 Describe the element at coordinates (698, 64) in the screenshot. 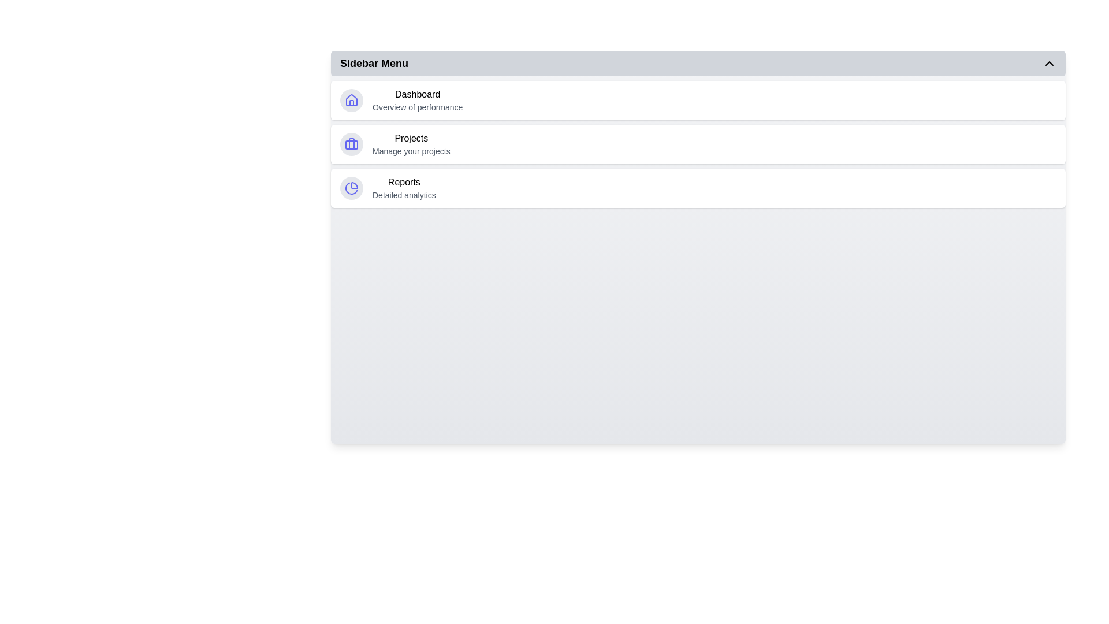

I see `the button labeled 'Sidebar Menu' to toggle the menu open or closed` at that location.